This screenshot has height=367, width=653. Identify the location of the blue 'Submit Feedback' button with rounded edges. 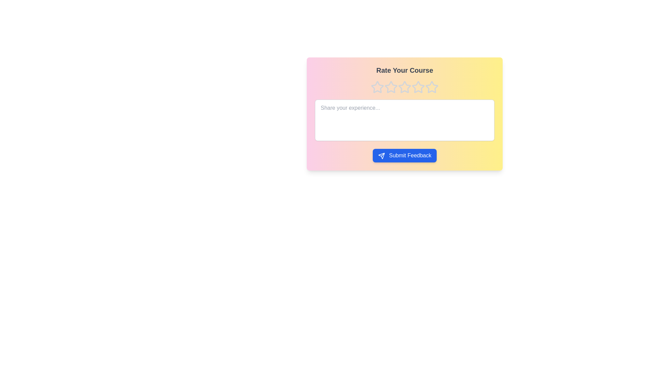
(405, 156).